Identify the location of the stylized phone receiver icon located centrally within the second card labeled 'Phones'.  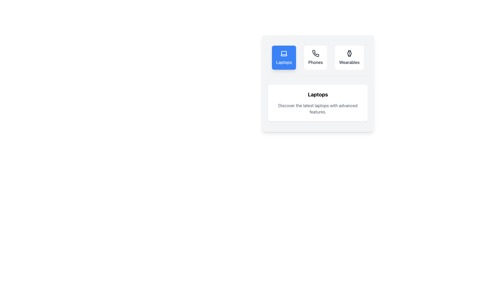
(315, 53).